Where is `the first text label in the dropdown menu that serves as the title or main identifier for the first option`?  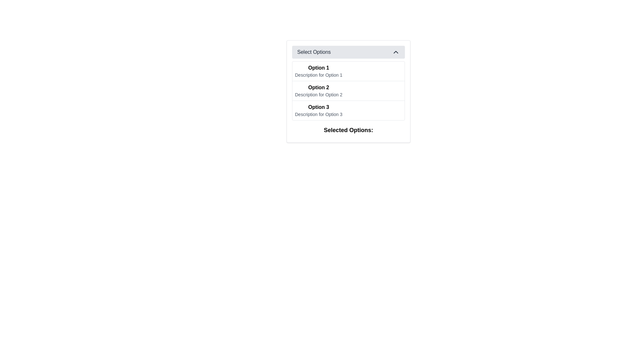 the first text label in the dropdown menu that serves as the title or main identifier for the first option is located at coordinates (319, 68).